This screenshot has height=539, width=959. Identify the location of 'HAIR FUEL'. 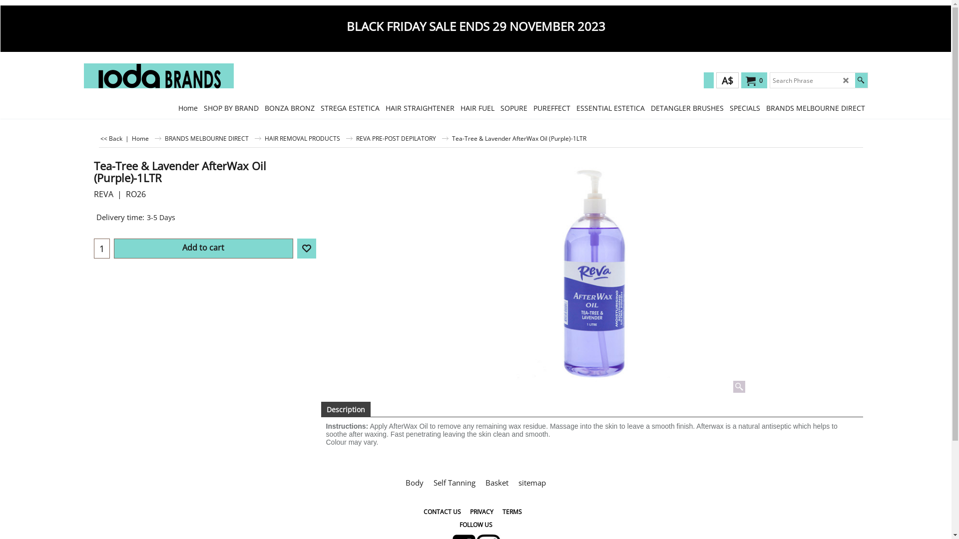
(477, 107).